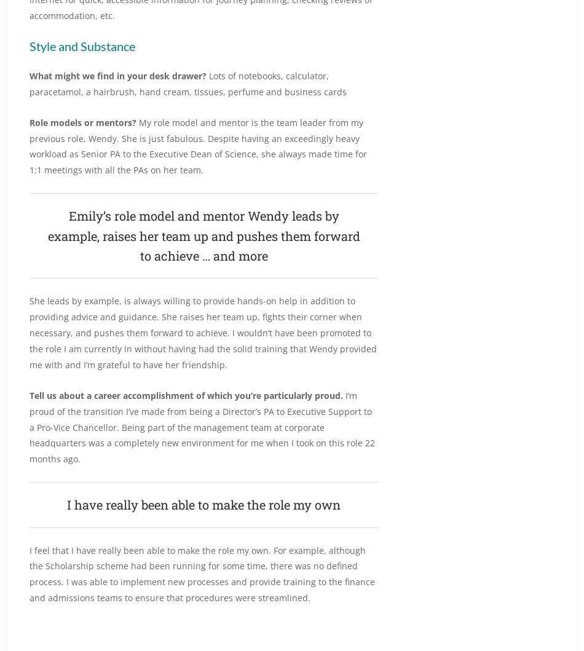  What do you see at coordinates (187, 82) in the screenshot?
I see `'Lots of notebooks, calculator, paracetamol, a hairbrush, hand cream, tissues, perfume and business cards'` at bounding box center [187, 82].